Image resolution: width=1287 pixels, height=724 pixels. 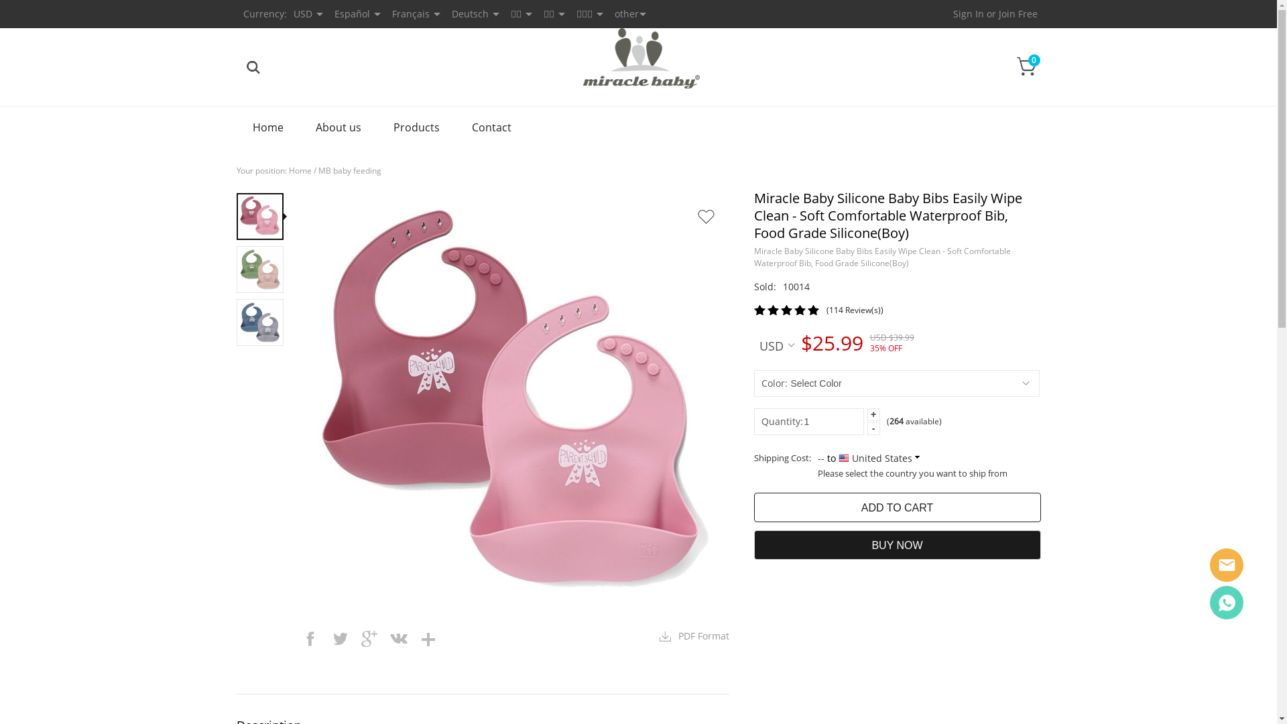 What do you see at coordinates (470, 13) in the screenshot?
I see `'Deutsch'` at bounding box center [470, 13].